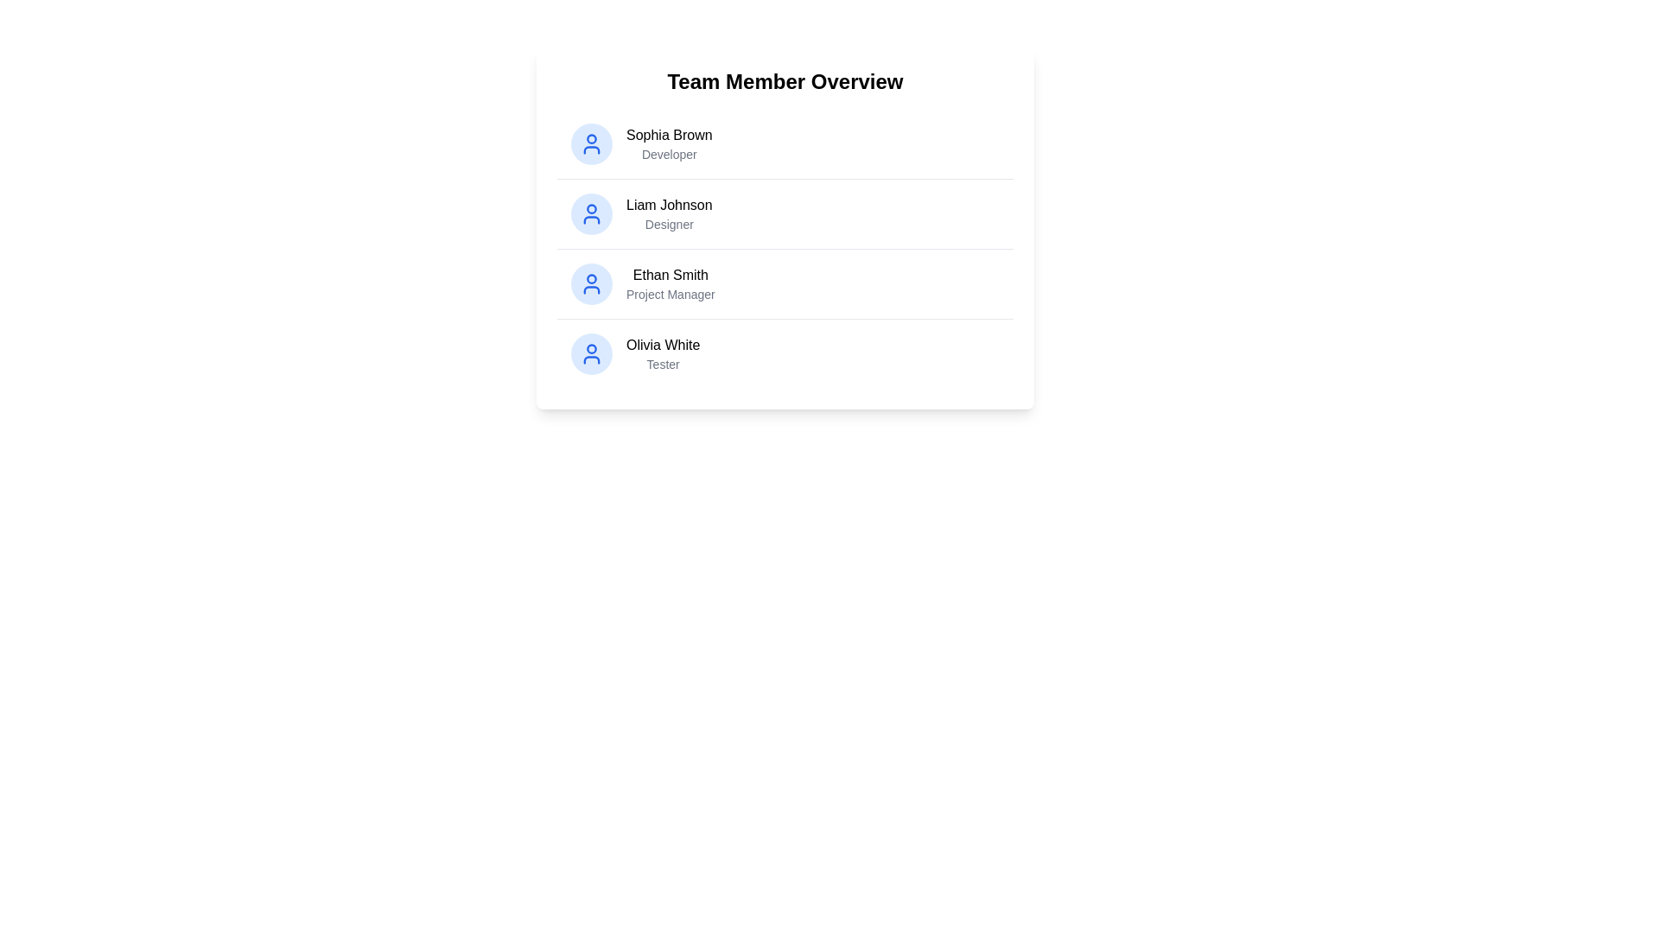 The height and width of the screenshot is (933, 1659). I want to click on the circular graphical shape within the user icon located at the top of the vertical list, so click(592, 138).